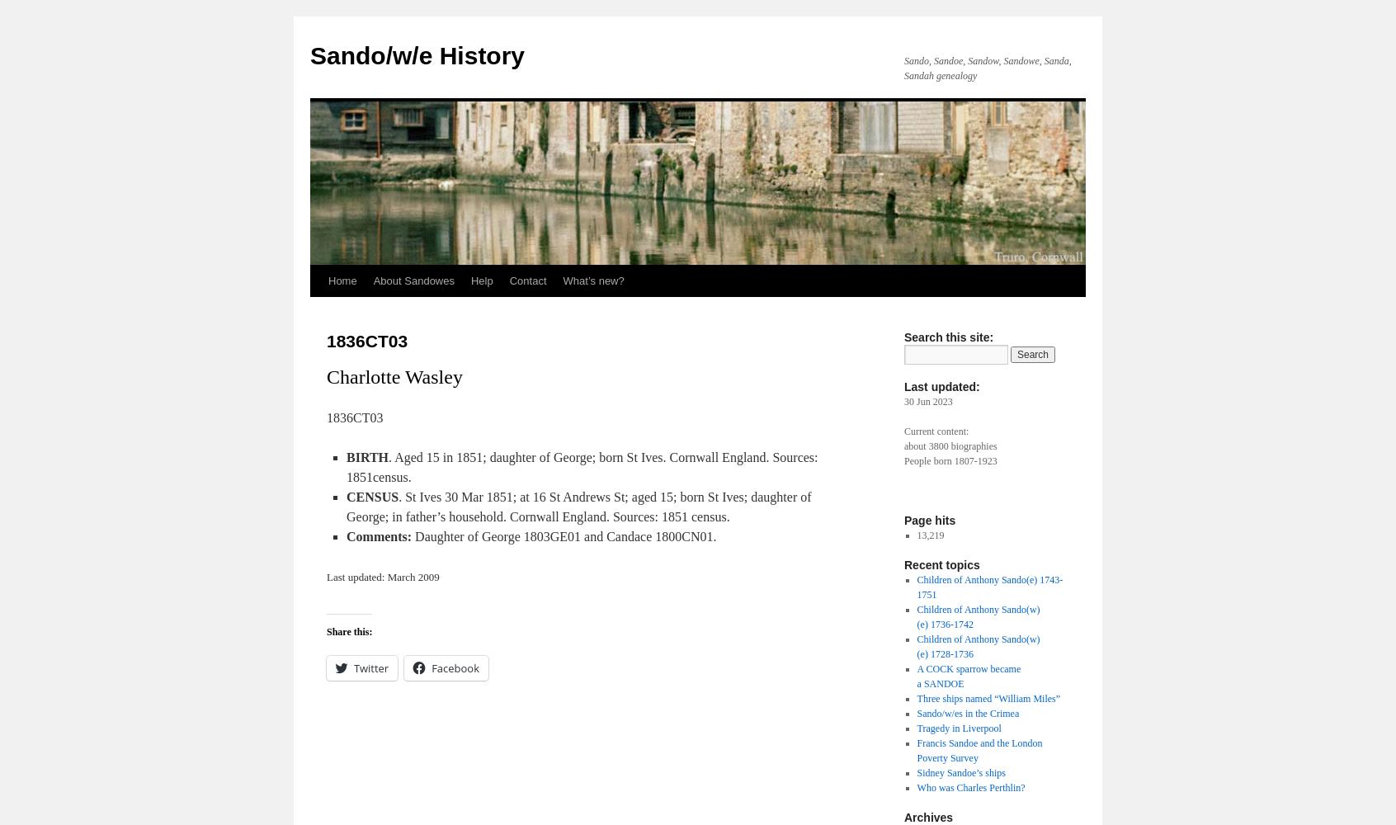 The width and height of the screenshot is (1396, 825). Describe the element at coordinates (349, 632) in the screenshot. I see `'Share this:'` at that location.